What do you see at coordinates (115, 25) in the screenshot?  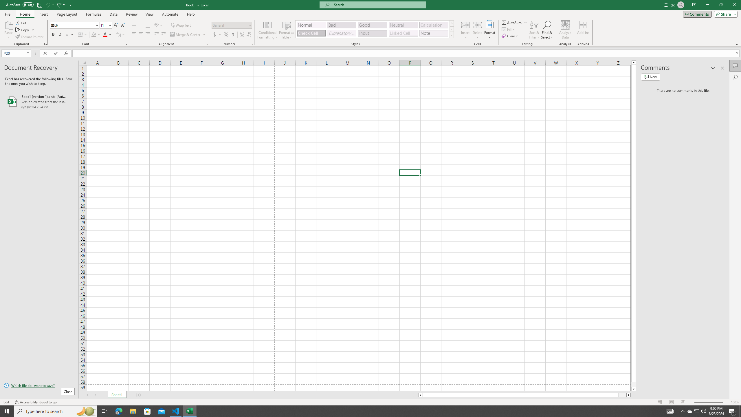 I see `'Increase Font Size'` at bounding box center [115, 25].